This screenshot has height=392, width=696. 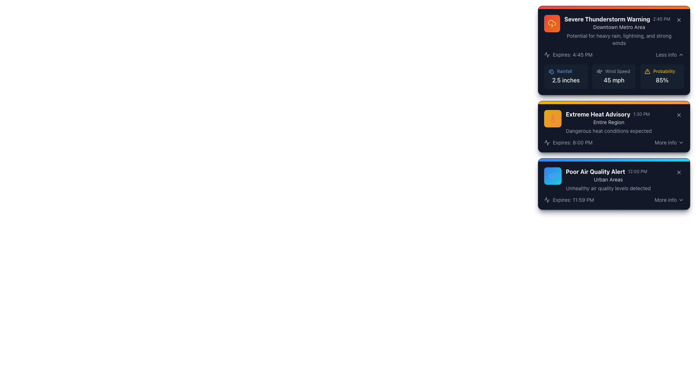 What do you see at coordinates (598, 114) in the screenshot?
I see `the text label displaying 'Extreme Heat Advisory' which is styled in bold white font and located in the second position among three vertically stacked alert cards` at bounding box center [598, 114].